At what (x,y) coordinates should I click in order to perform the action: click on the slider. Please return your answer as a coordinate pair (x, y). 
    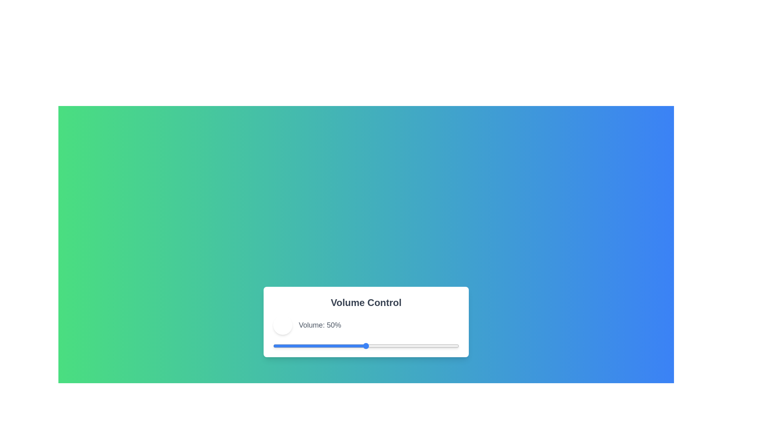
    Looking at the image, I should click on (388, 345).